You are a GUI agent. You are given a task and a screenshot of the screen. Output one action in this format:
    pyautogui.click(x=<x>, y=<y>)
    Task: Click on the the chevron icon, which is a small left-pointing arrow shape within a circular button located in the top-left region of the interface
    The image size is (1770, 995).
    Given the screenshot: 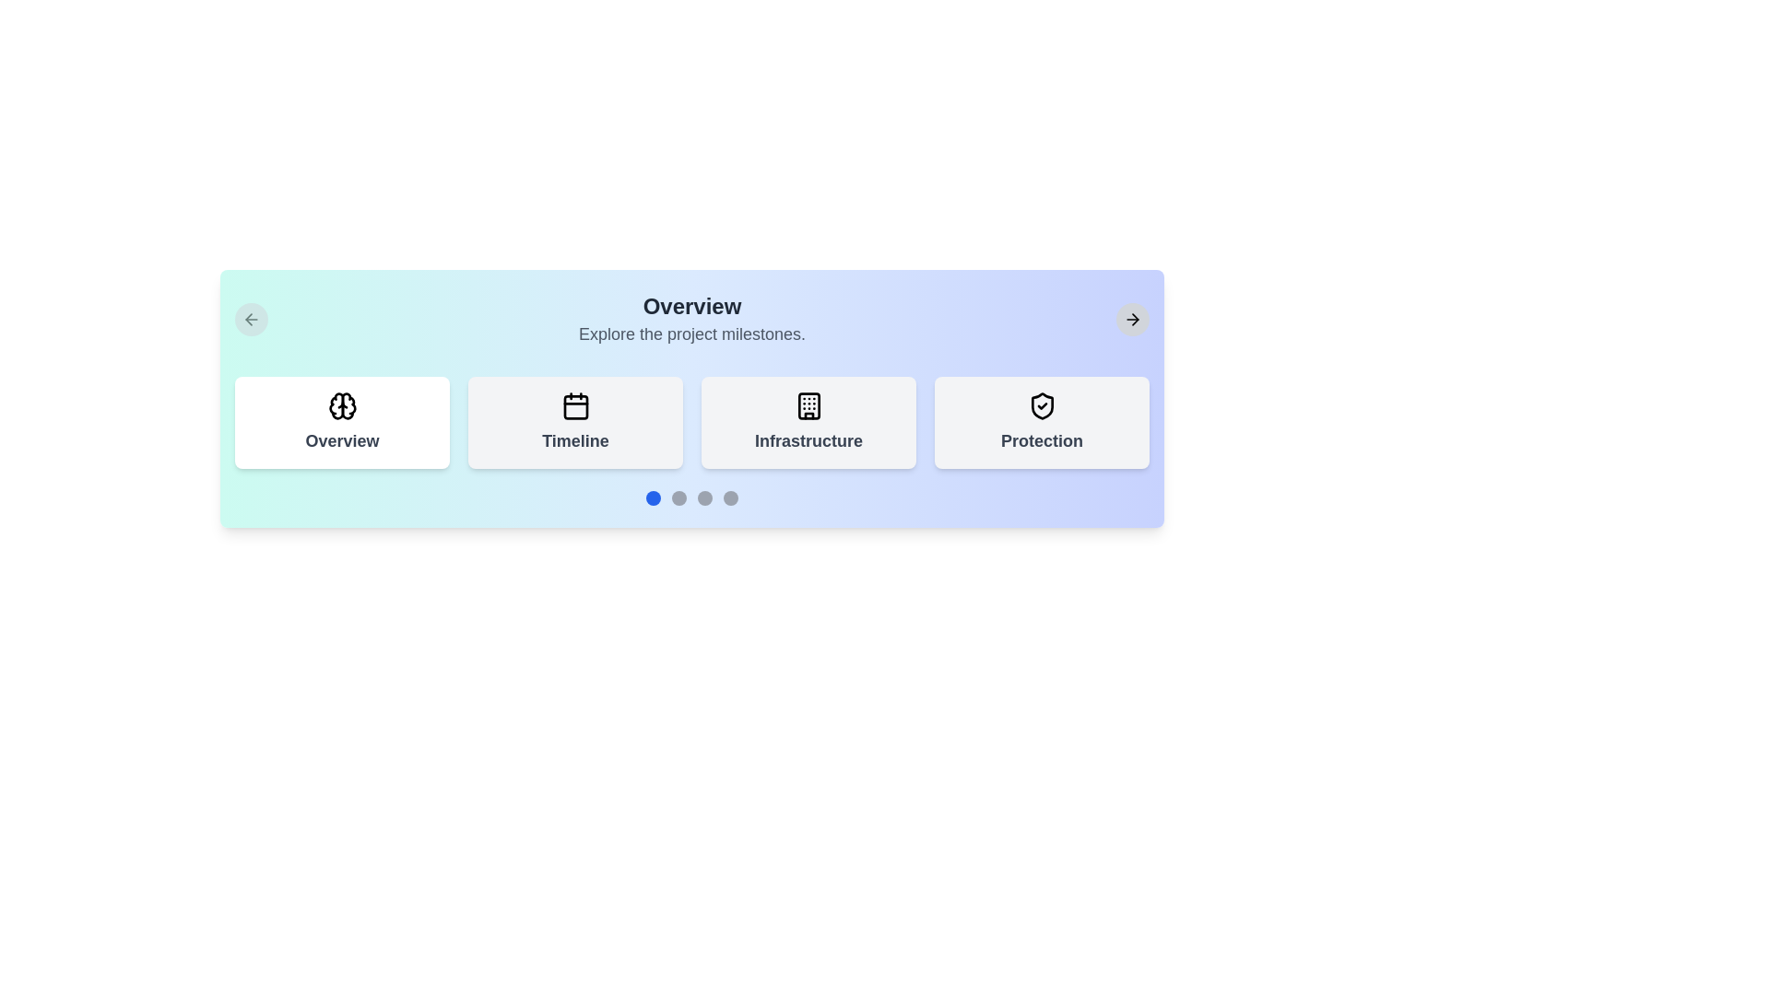 What is the action you would take?
    pyautogui.click(x=248, y=319)
    